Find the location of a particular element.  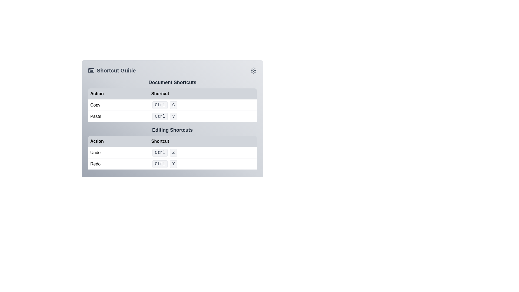

the static label element displaying 'Y' in the 'Editing Shortcuts' section, which represents the second part of the 'Ctrl + Y' keyboard shortcut for the 'Redo' action is located at coordinates (174, 164).